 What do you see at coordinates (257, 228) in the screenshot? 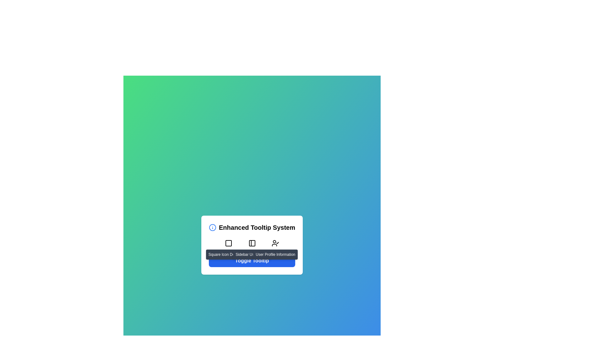
I see `the text label element that serves as a title or heading for the enhanced tooltip system, positioned to the right of the informational icon` at bounding box center [257, 228].